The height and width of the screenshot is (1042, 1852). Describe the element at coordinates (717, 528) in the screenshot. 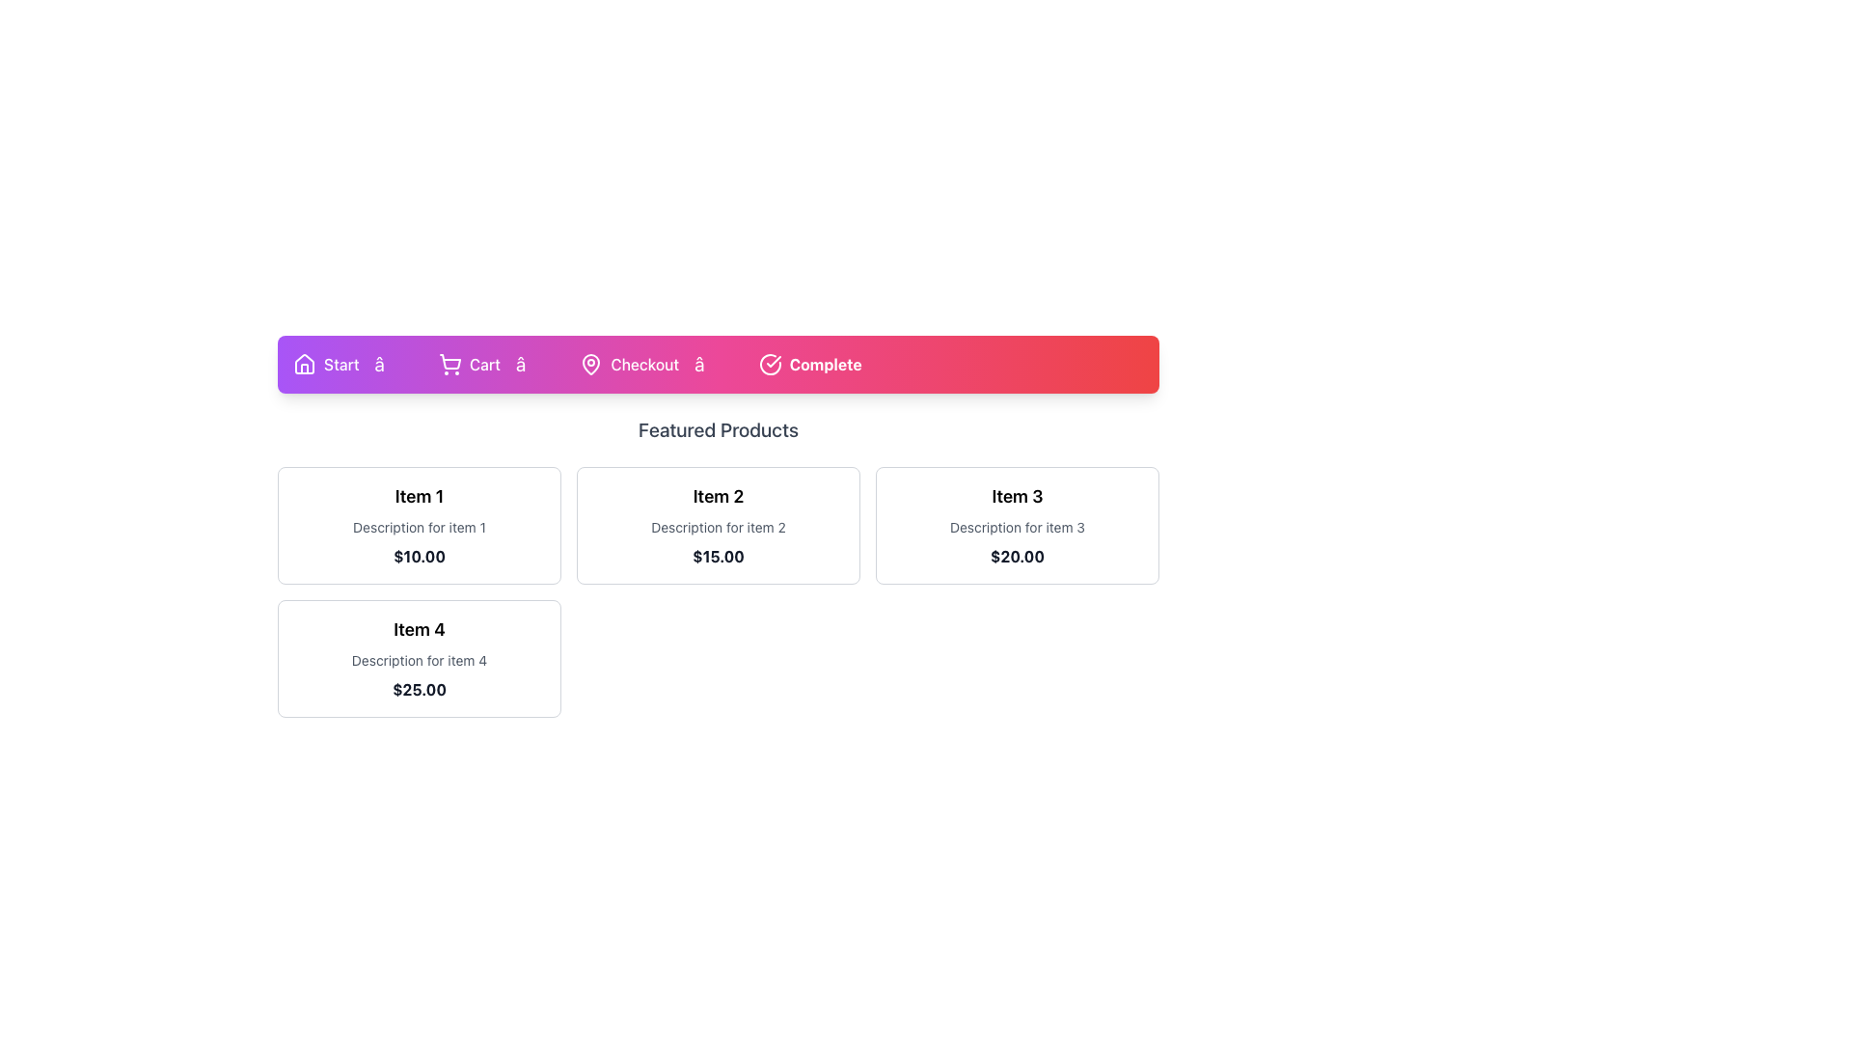

I see `description text of the Text Label located below the title 'Item 2' and above the price '$15.00' in the 'Featured Products' section` at that location.